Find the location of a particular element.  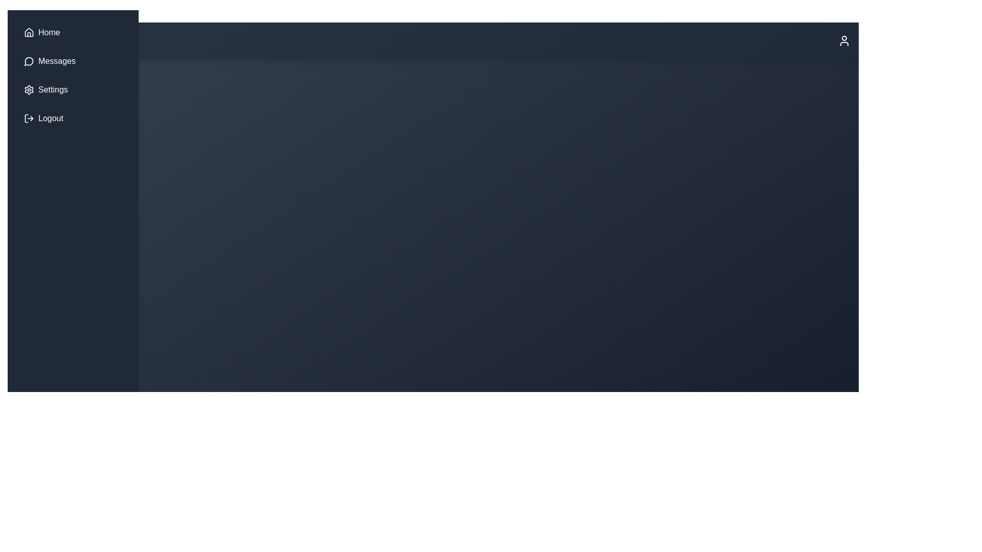

the 'Settings' option in the sidebar to navigate to the Settings section is located at coordinates (52, 89).